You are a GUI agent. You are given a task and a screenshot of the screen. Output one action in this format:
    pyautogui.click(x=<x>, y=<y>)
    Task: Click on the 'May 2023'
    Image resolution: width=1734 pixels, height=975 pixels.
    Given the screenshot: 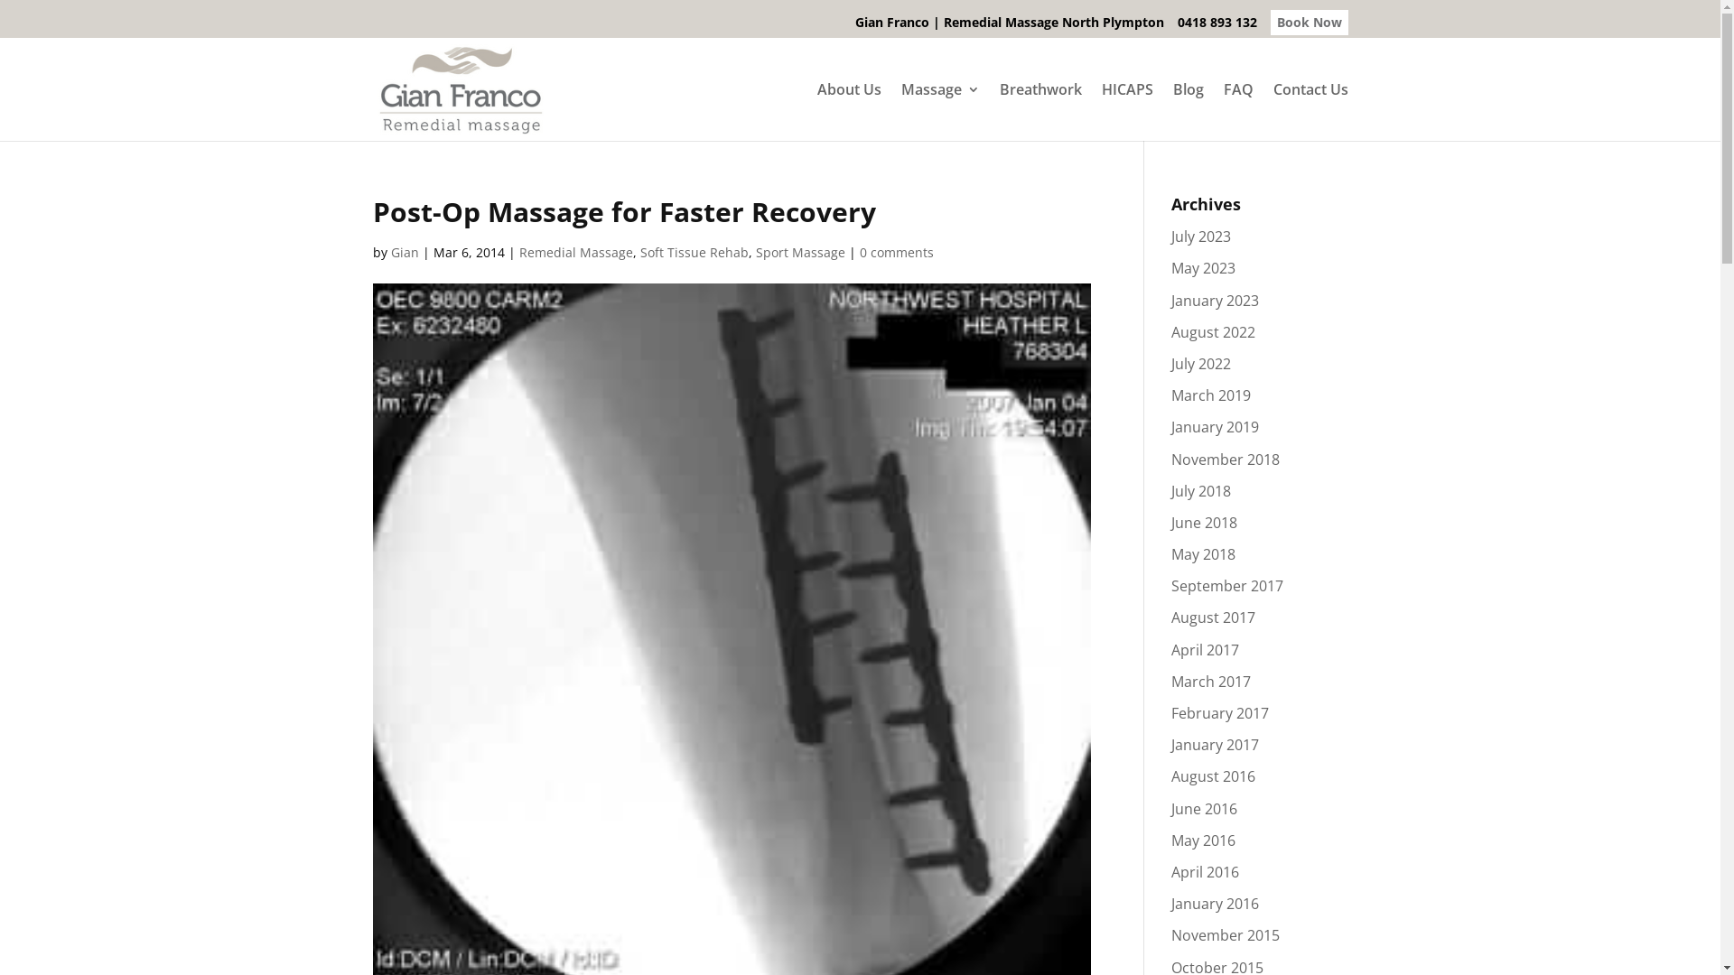 What is the action you would take?
    pyautogui.click(x=1203, y=268)
    